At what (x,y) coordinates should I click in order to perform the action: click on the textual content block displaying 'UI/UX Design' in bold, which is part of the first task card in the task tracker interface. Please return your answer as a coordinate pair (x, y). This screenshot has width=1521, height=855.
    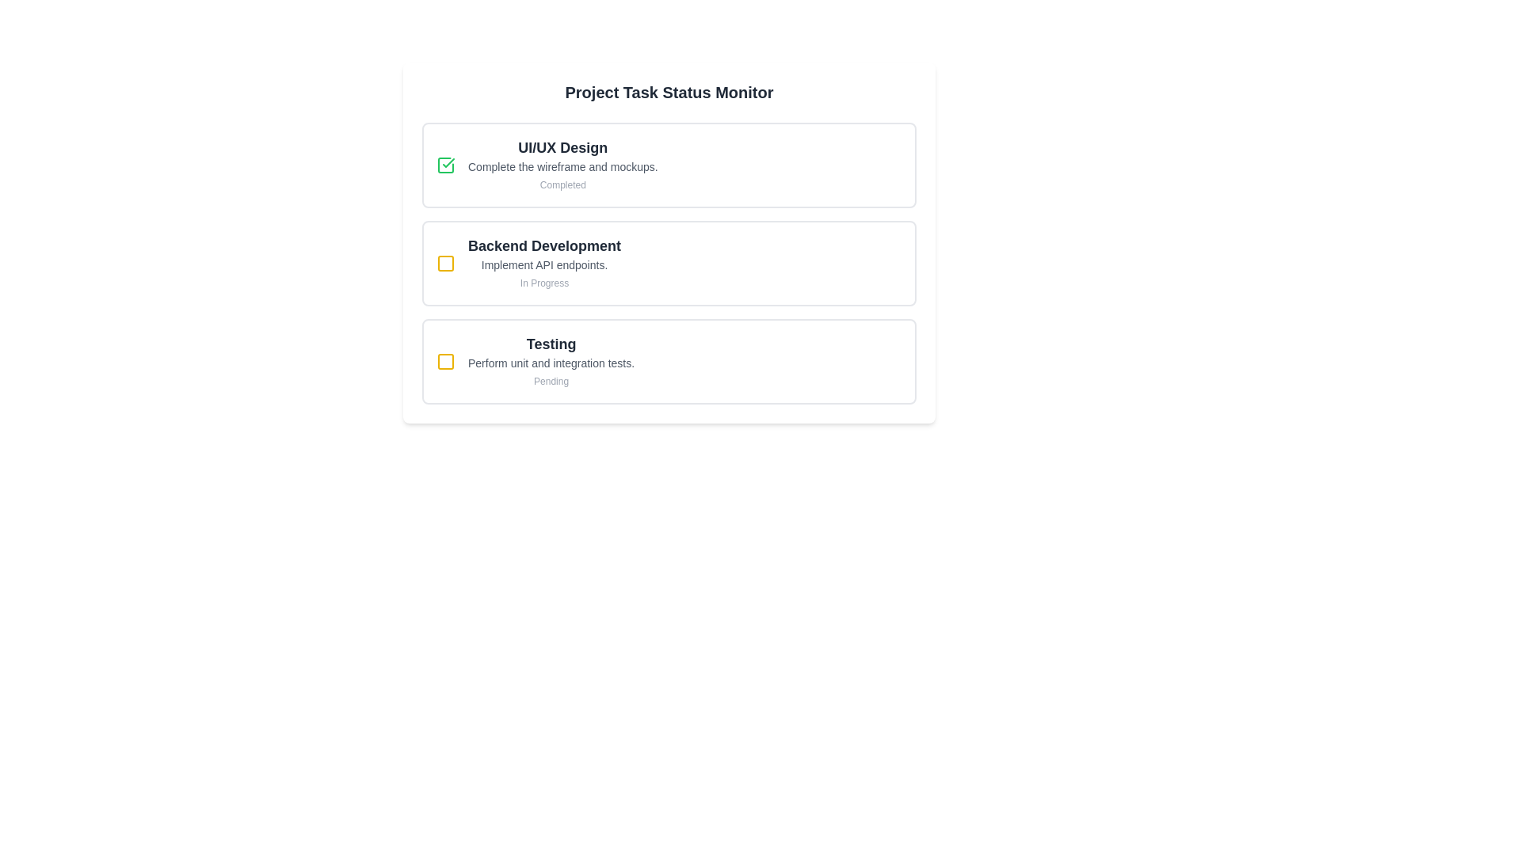
    Looking at the image, I should click on (562, 165).